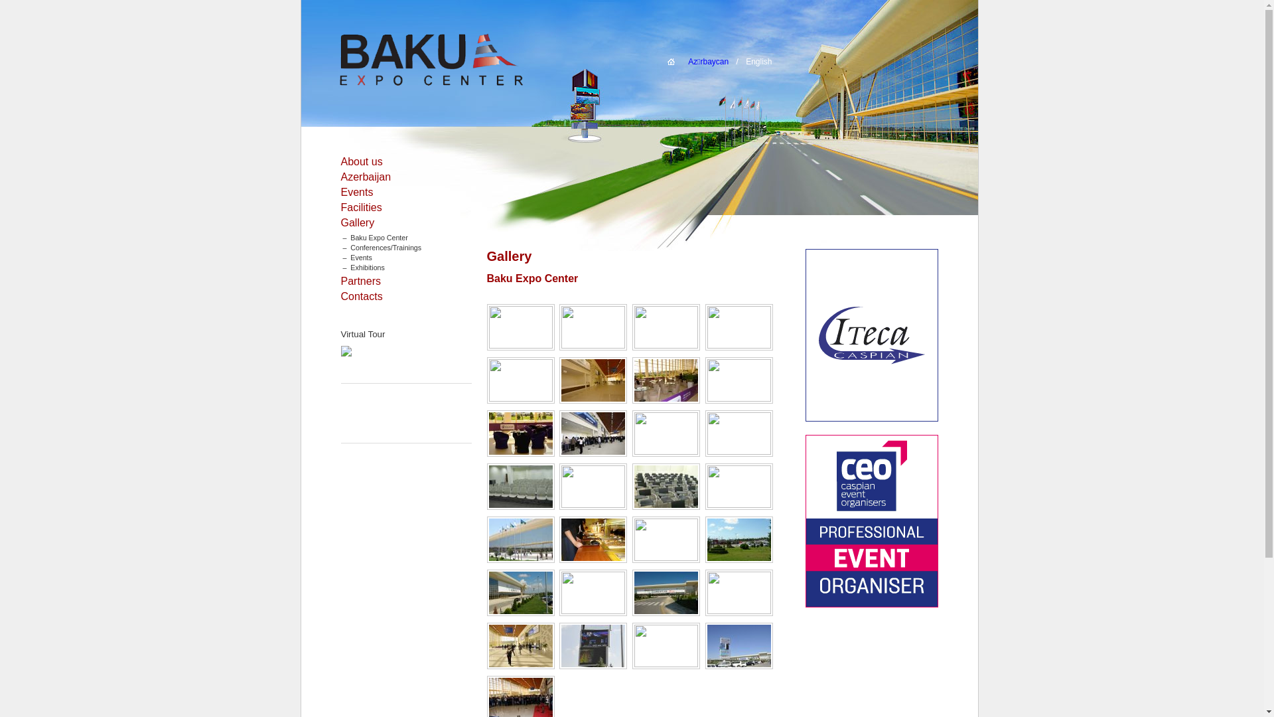 The height and width of the screenshot is (717, 1274). I want to click on 'Facilities', so click(340, 207).